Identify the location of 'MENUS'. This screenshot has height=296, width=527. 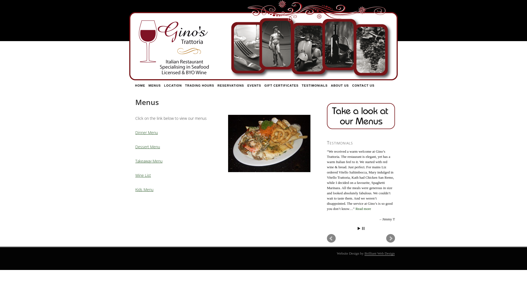
(154, 86).